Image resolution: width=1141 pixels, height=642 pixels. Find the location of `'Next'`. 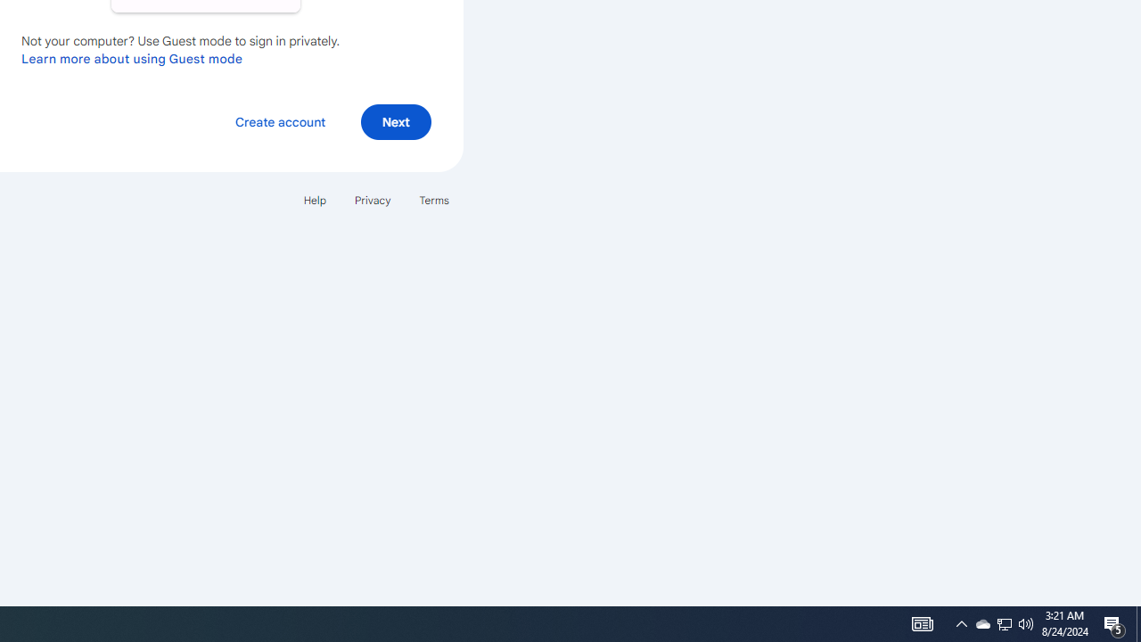

'Next' is located at coordinates (395, 120).